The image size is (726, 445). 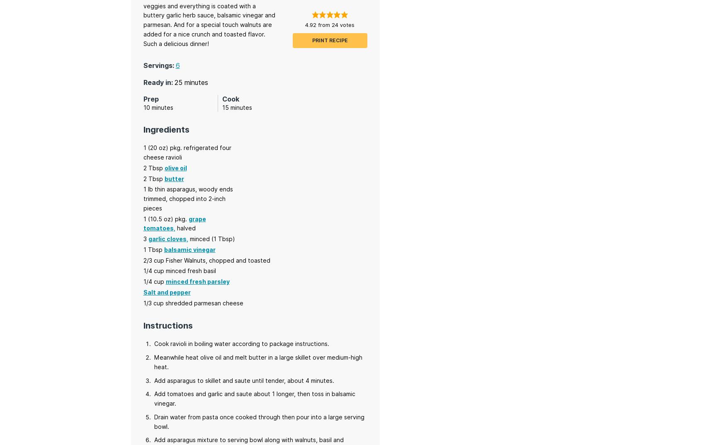 I want to click on 'Cook', so click(x=230, y=98).